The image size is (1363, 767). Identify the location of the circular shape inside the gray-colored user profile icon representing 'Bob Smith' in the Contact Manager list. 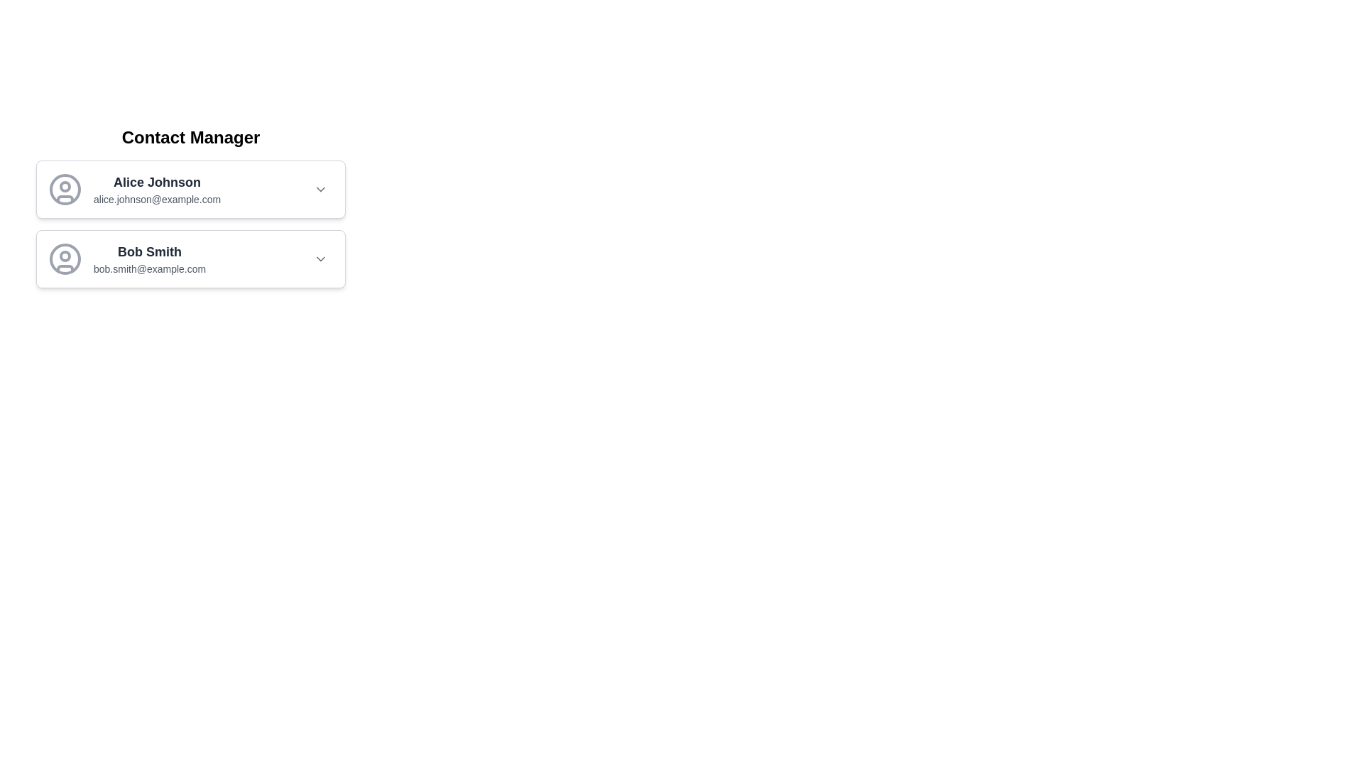
(64, 259).